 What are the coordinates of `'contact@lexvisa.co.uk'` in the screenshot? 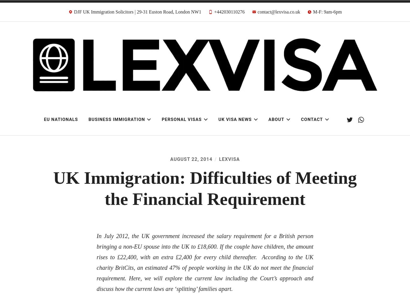 It's located at (279, 12).